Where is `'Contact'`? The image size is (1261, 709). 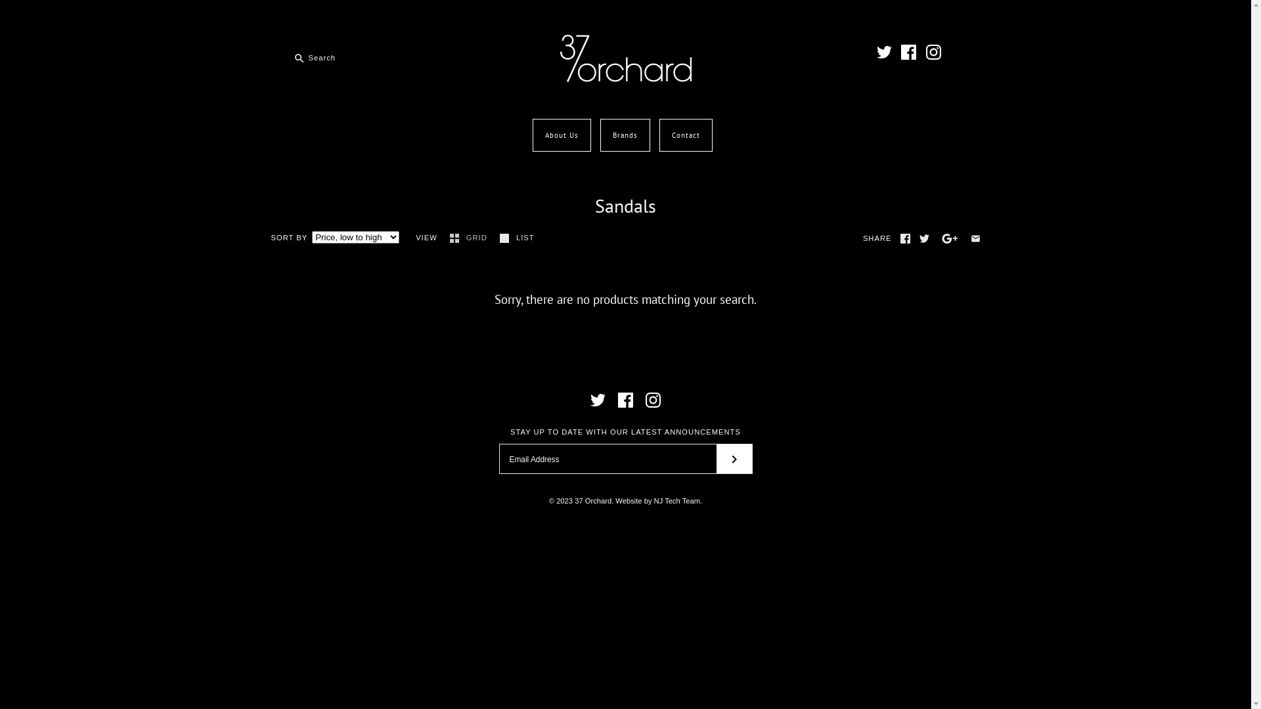 'Contact' is located at coordinates (684, 135).